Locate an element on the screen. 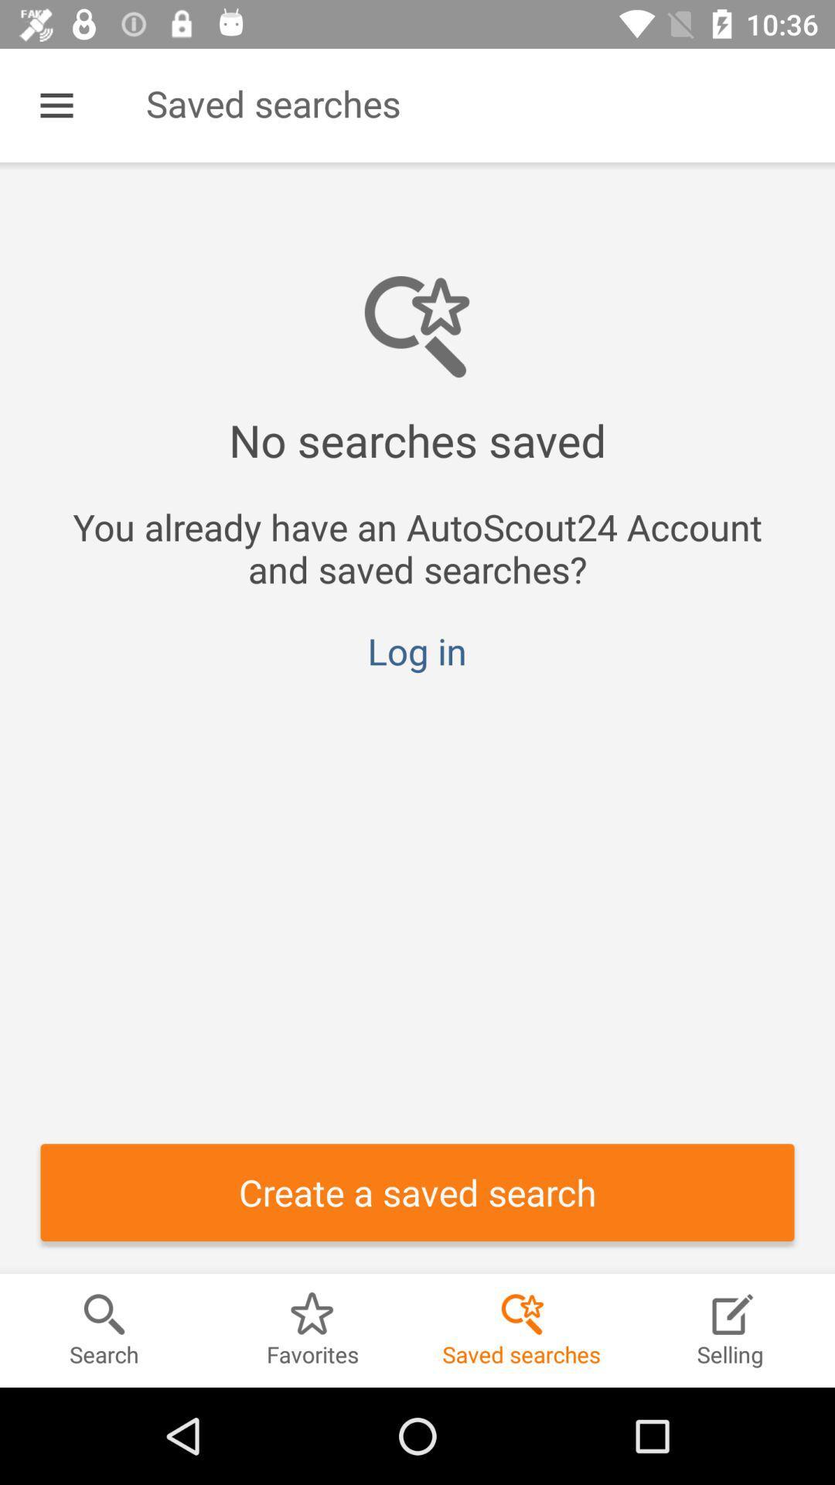  log in item is located at coordinates (416, 650).